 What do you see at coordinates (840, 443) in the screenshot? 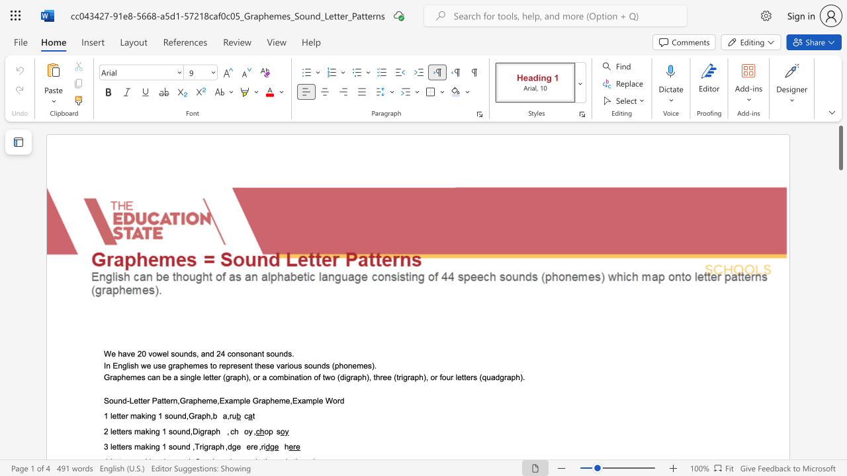
I see `the scrollbar on the right side to scroll the page down` at bounding box center [840, 443].